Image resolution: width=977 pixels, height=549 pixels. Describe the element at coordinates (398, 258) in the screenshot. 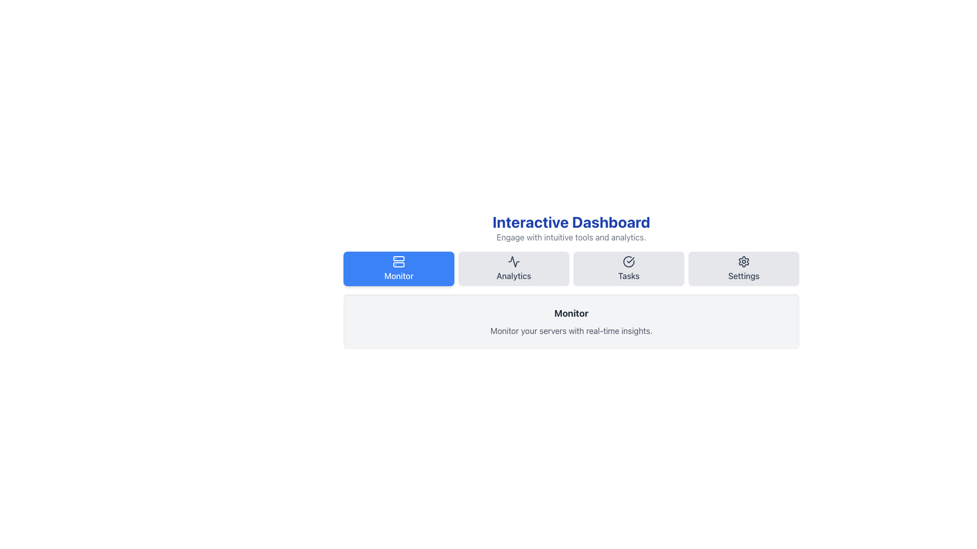

I see `the topmost segment of the server icon, which is a rectangular shape with rounded corners, located to the left of the horizontal navigation bar` at that location.